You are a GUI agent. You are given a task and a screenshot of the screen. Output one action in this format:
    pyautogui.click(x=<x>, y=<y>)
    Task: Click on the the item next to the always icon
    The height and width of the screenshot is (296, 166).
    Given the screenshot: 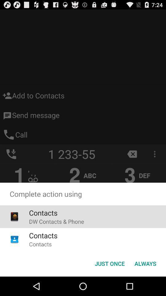 What is the action you would take?
    pyautogui.click(x=109, y=263)
    